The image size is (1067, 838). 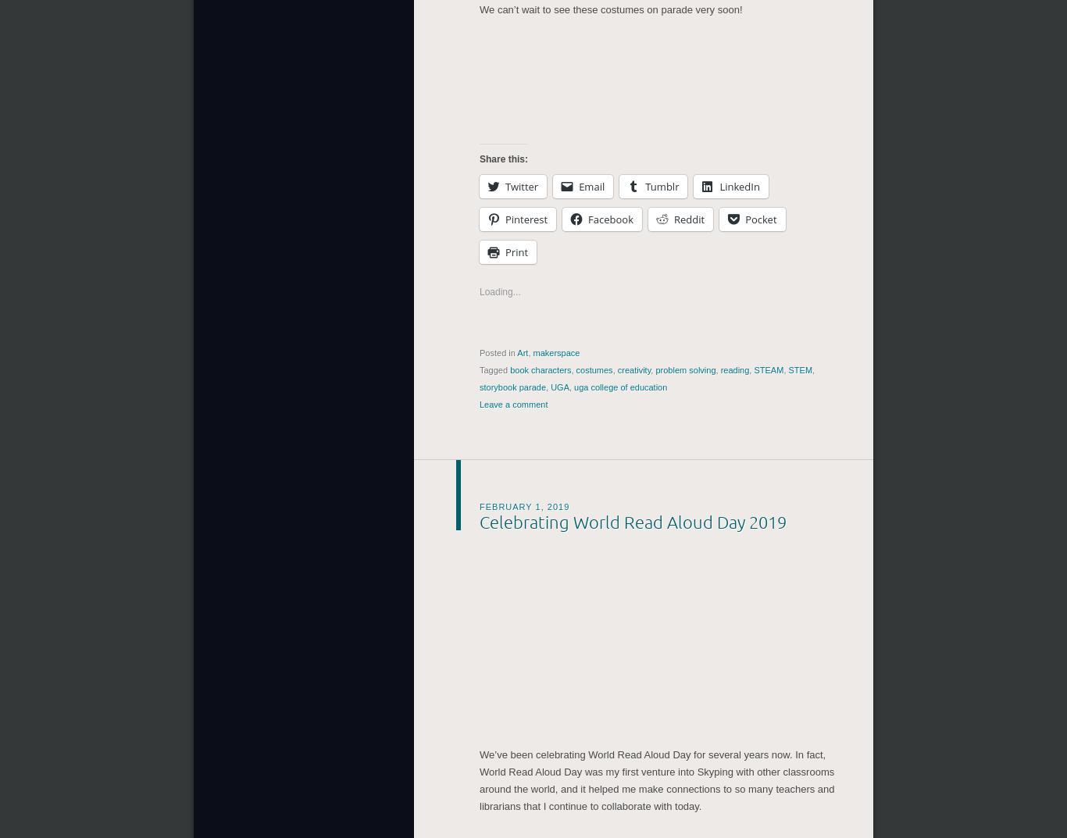 What do you see at coordinates (512, 400) in the screenshot?
I see `'Leave a comment'` at bounding box center [512, 400].